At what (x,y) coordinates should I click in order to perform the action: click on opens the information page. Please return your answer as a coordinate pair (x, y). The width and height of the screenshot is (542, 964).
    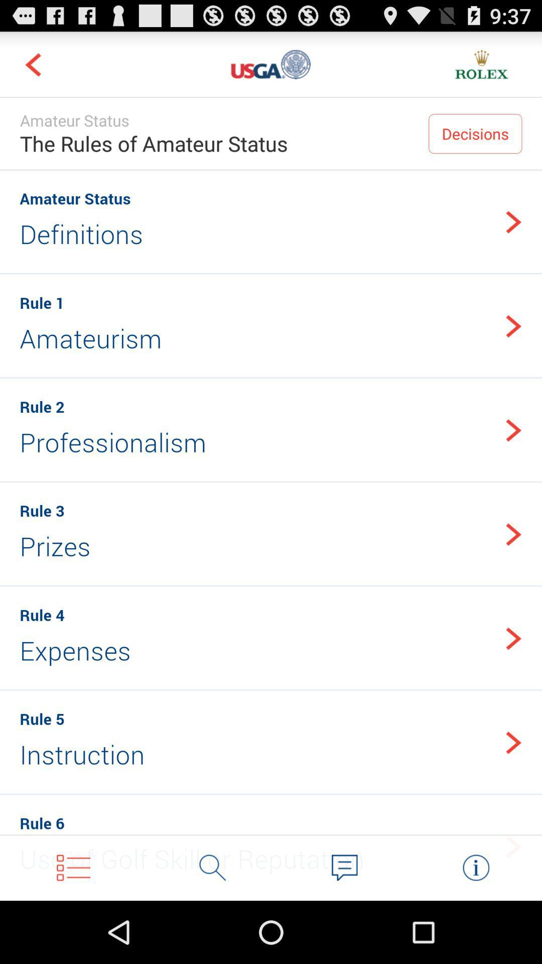
    Looking at the image, I should click on (475, 867).